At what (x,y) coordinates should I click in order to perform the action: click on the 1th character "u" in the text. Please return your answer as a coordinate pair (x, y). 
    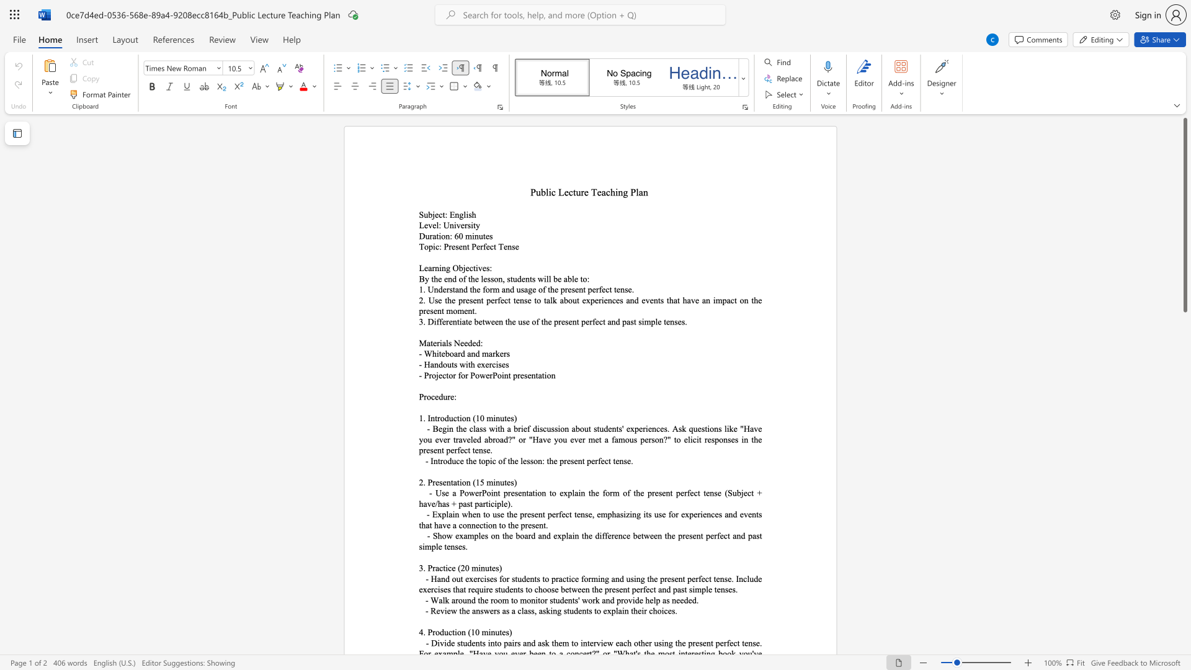
    Looking at the image, I should click on (494, 514).